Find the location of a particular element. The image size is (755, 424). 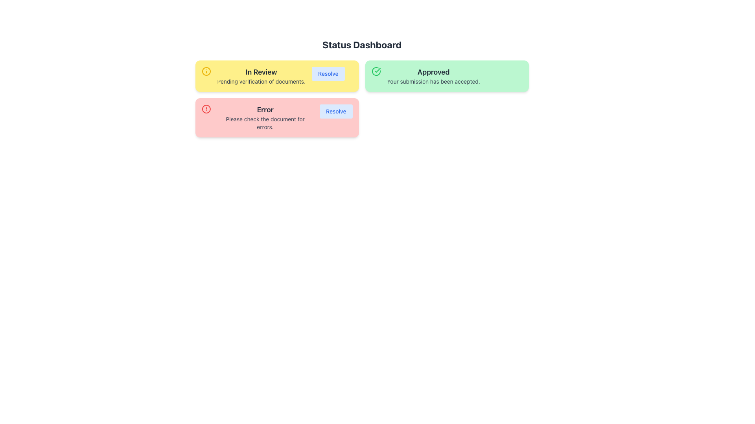

the text label that reads 'Pending verification of documents.' which is styled with a smaller gray font within a highlighted yellow background box in the 'In Review' notification area is located at coordinates (261, 82).